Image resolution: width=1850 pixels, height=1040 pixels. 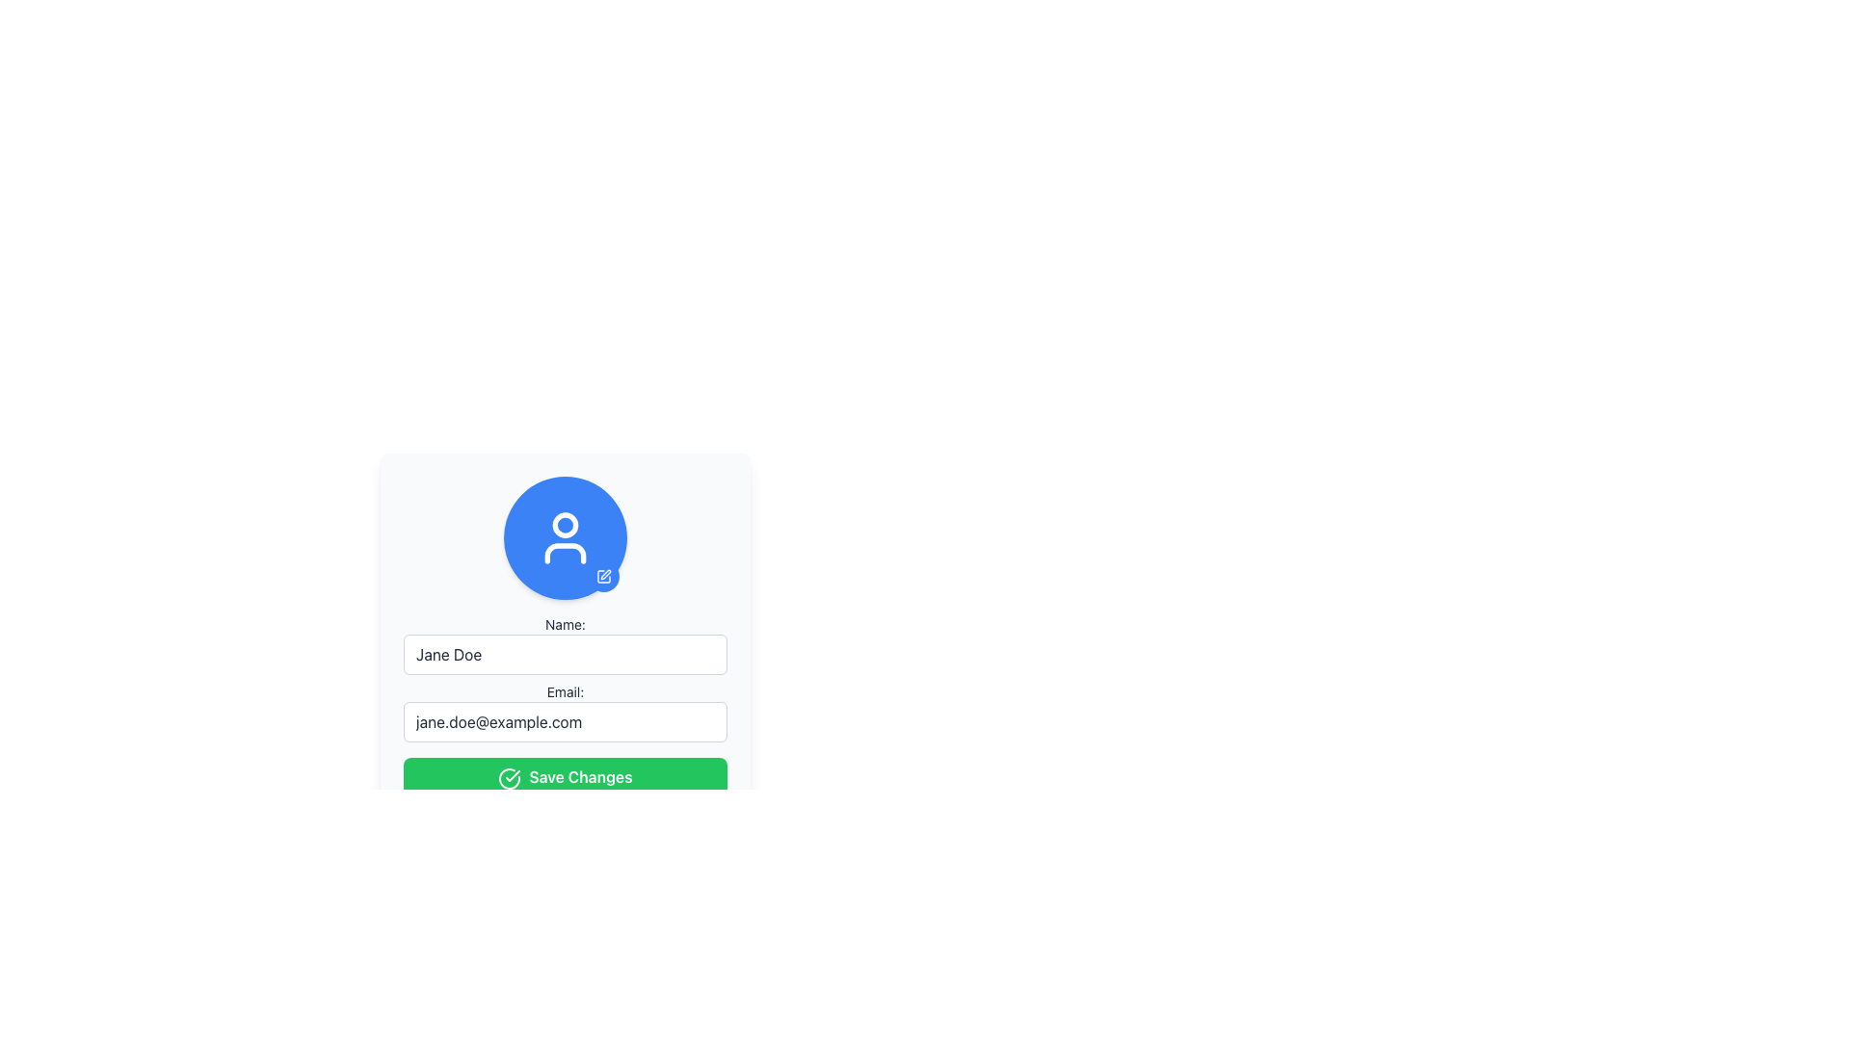 What do you see at coordinates (564, 538) in the screenshot?
I see `the User Profile Display circular blue icon with a white user avatar symbol` at bounding box center [564, 538].